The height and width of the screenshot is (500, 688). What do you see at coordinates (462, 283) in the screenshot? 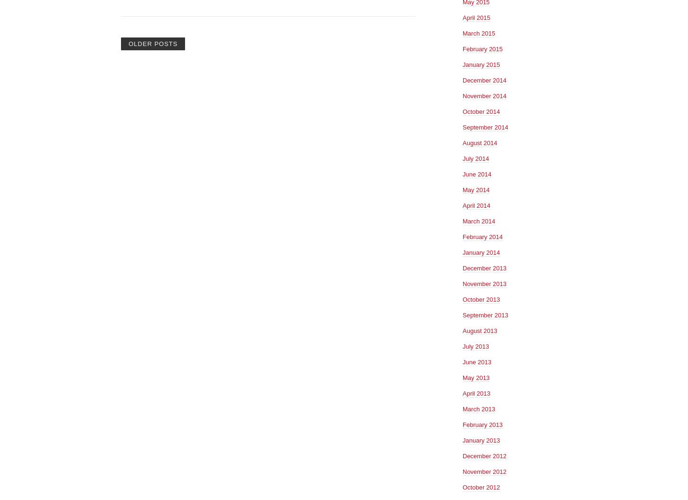
I see `'November 2013'` at bounding box center [462, 283].